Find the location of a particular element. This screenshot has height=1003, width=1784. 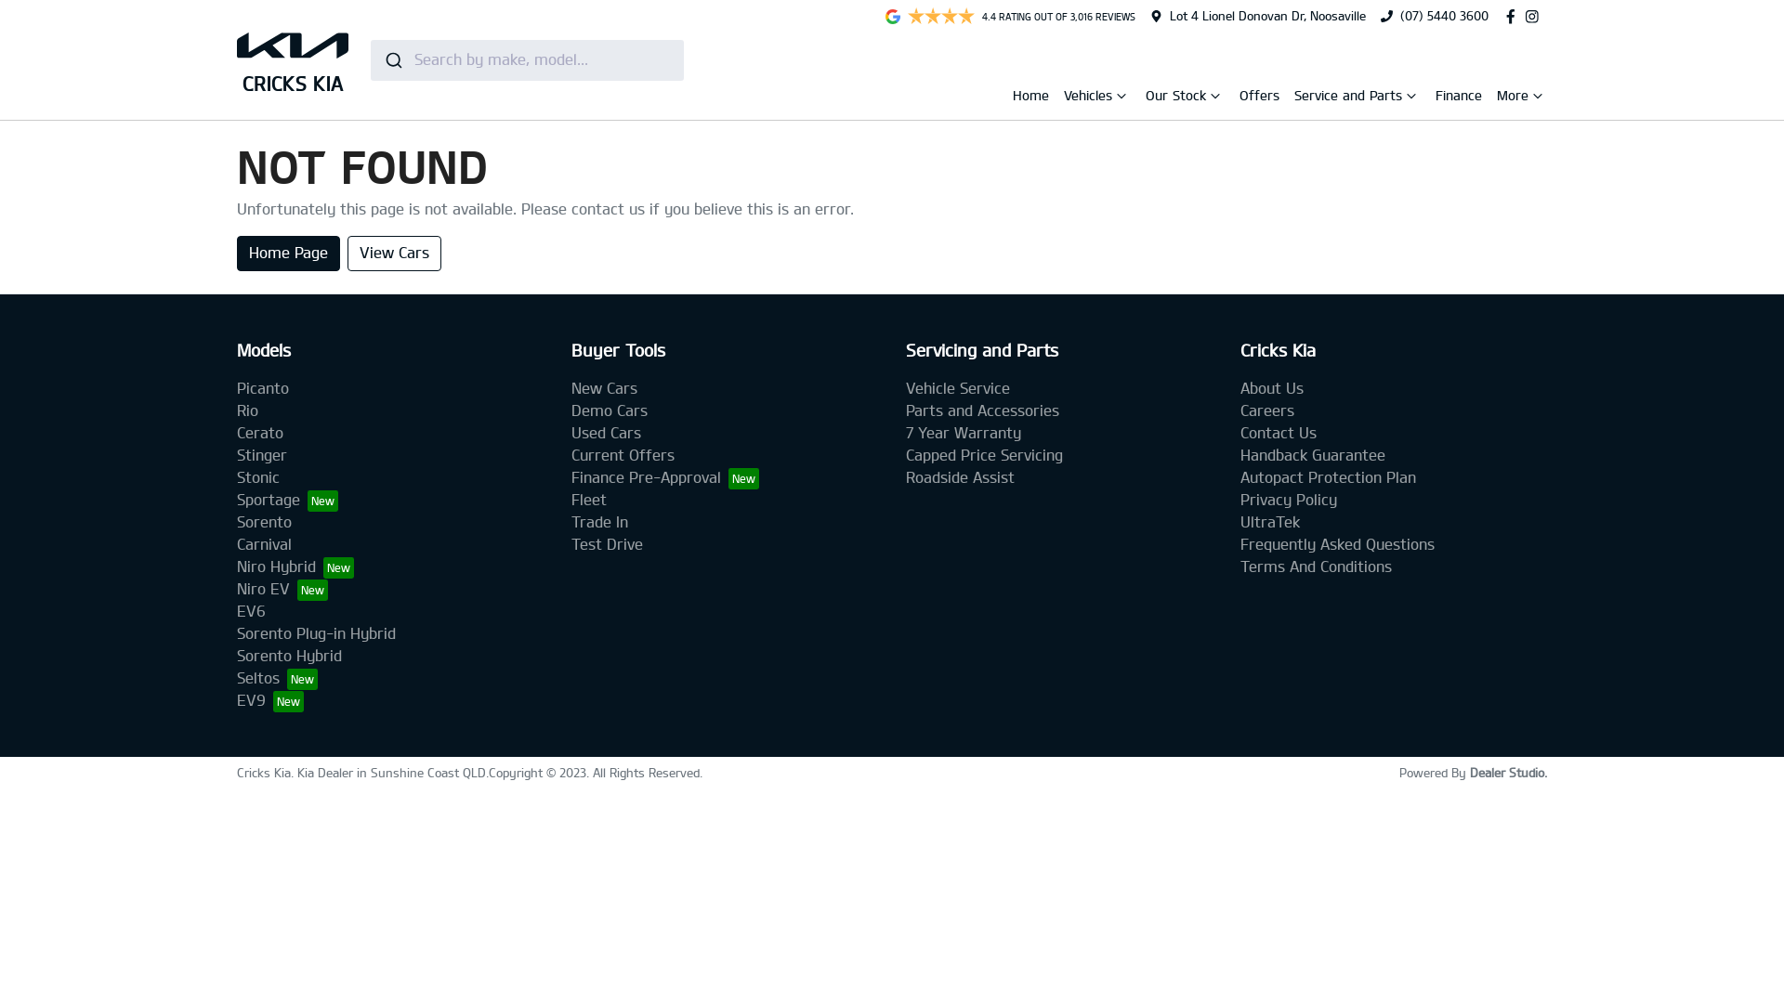

'Sorento' is located at coordinates (263, 522).